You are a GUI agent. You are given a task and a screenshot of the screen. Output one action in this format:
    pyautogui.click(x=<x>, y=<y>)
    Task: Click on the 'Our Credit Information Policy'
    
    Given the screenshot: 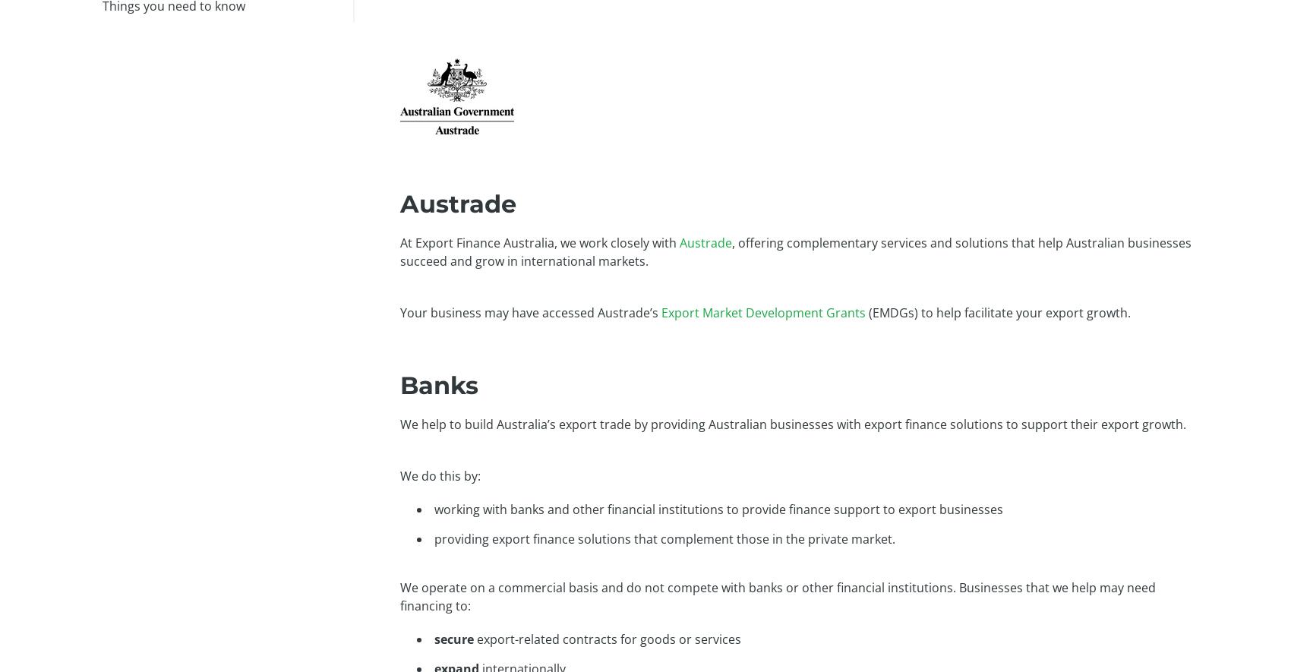 What is the action you would take?
    pyautogui.click(x=1079, y=278)
    